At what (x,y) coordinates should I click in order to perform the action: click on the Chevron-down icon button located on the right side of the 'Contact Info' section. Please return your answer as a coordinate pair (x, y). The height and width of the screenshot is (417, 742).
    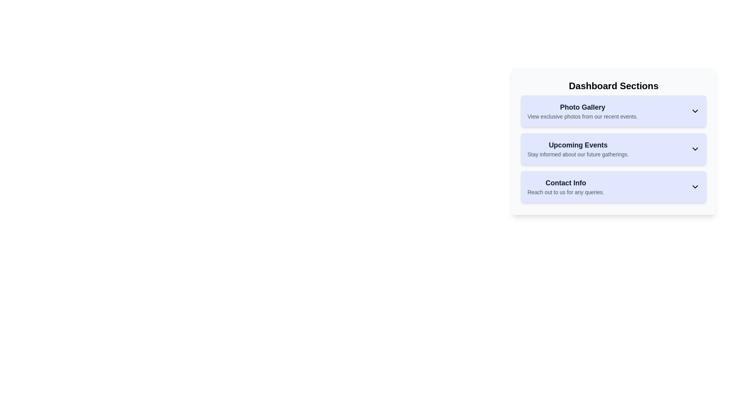
    Looking at the image, I should click on (695, 186).